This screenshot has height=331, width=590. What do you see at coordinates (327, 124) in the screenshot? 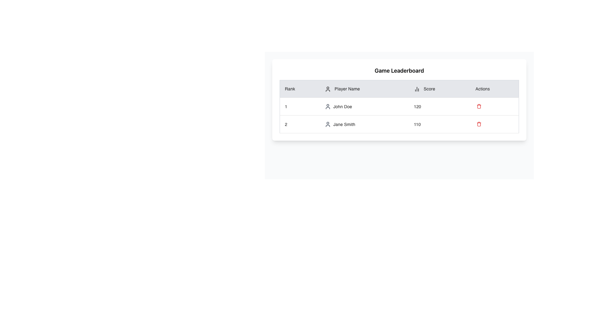
I see `the user icon next to 'Jane Smith' in the second row of the leaderboard, representing the player visually` at bounding box center [327, 124].